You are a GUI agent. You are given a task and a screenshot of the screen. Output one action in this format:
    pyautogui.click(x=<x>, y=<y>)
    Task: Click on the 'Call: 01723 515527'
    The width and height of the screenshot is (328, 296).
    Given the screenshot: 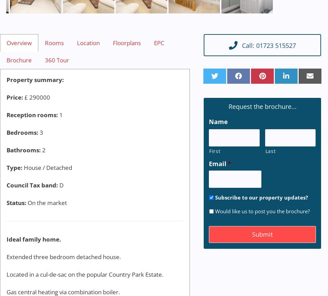 What is the action you would take?
    pyautogui.click(x=269, y=45)
    